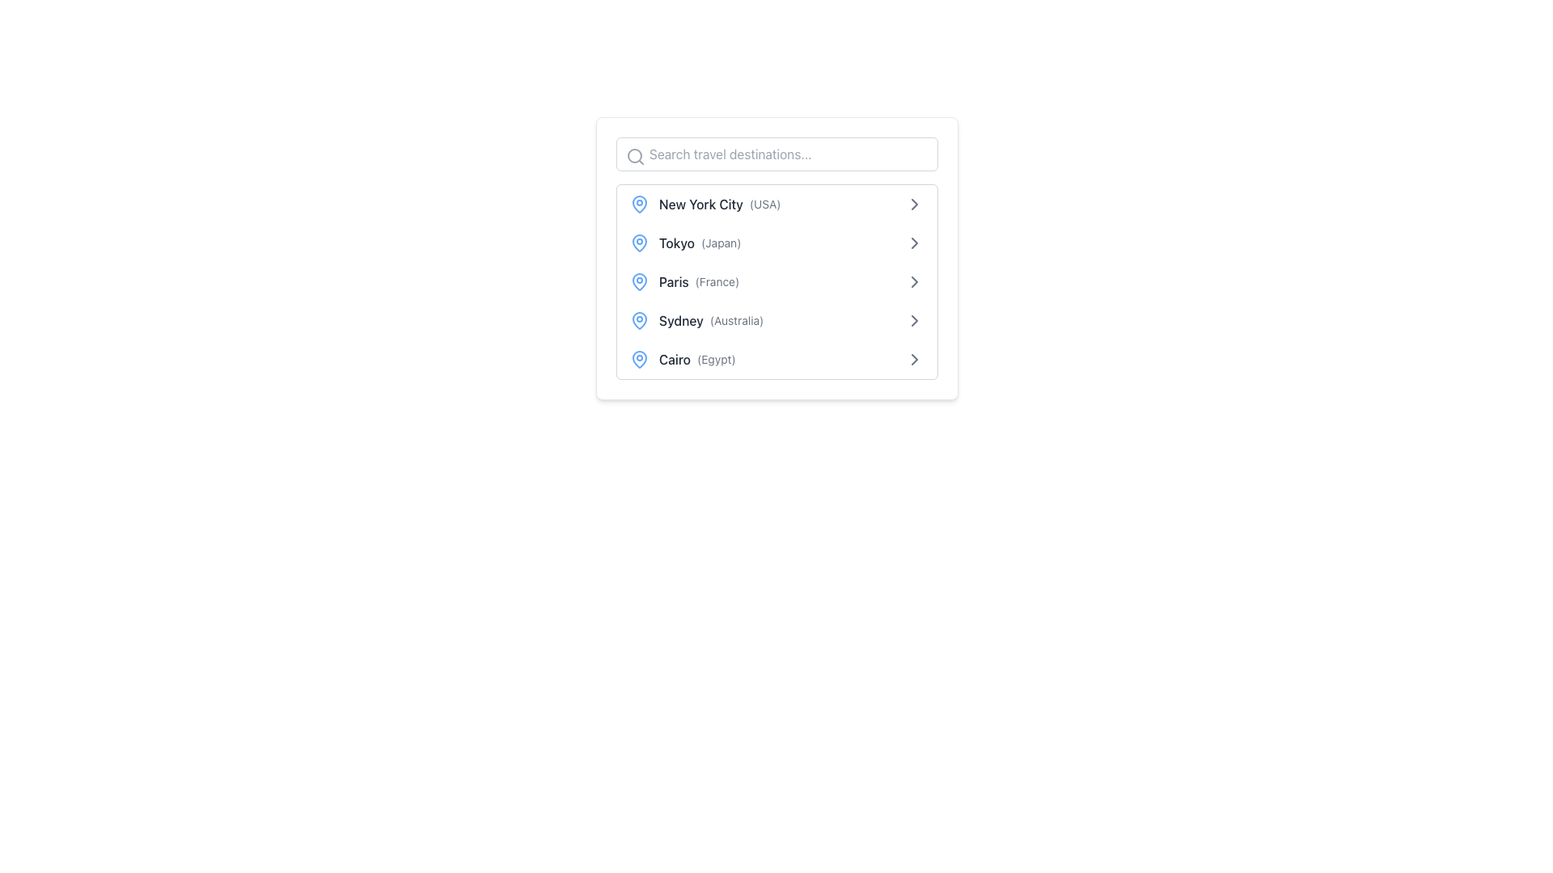 This screenshot has width=1553, height=873. I want to click on the text label 'Tokyo' which is styled with a medium font weight and dark gray color, located in the second entry of a list of travel destinations, alongside a blue location marker icon and the text '(Japan)', so click(677, 242).